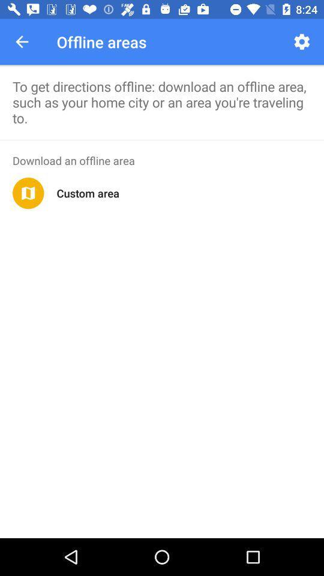 The height and width of the screenshot is (576, 324). Describe the element at coordinates (301, 41) in the screenshot. I see `the icon to the right of offline areas app` at that location.